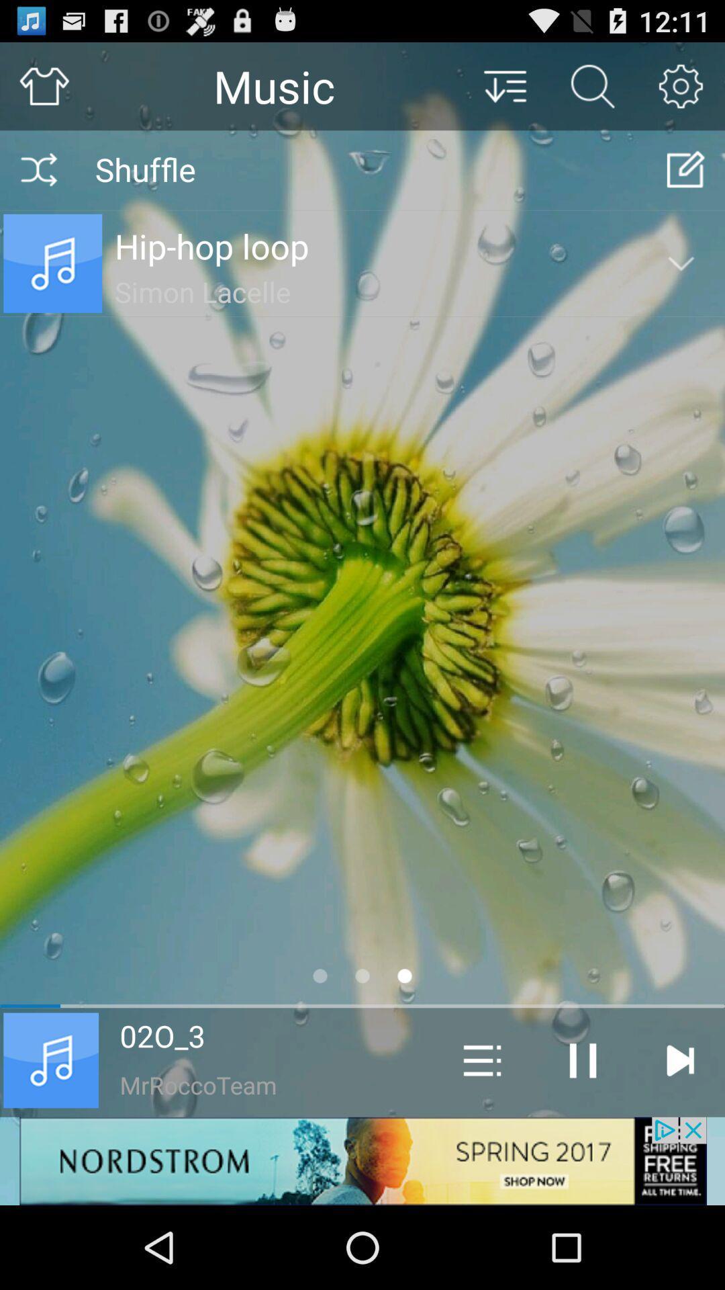 This screenshot has width=725, height=1290. Describe the element at coordinates (686, 180) in the screenshot. I see `the edit icon` at that location.